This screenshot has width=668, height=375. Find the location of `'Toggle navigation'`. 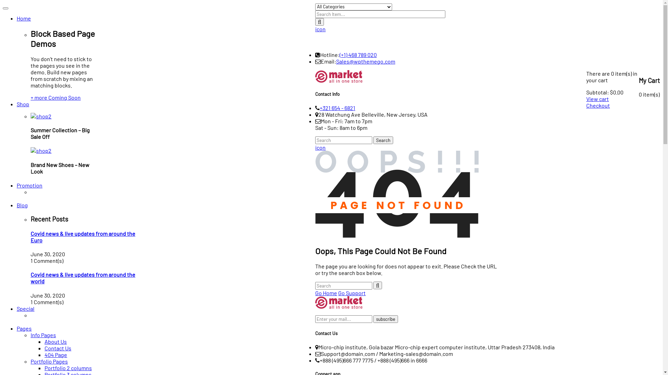

'Toggle navigation' is located at coordinates (5, 8).